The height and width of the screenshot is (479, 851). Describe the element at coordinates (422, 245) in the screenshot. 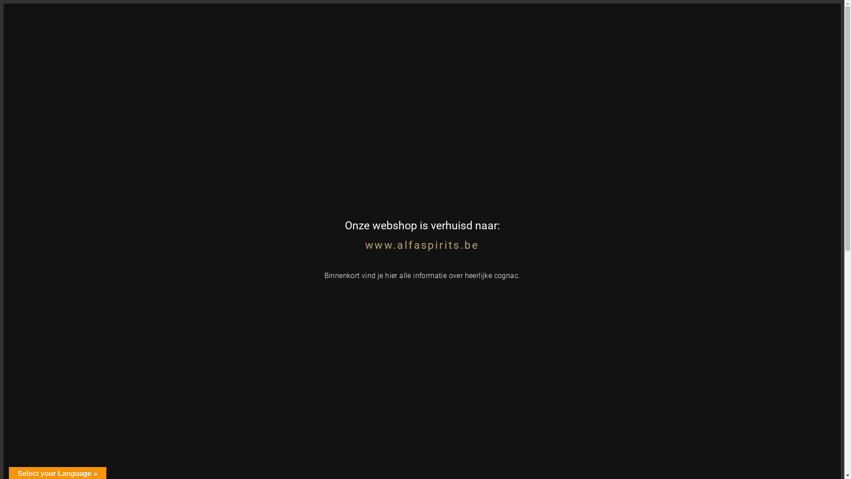

I see `'www.alfaspirits.be'` at that location.